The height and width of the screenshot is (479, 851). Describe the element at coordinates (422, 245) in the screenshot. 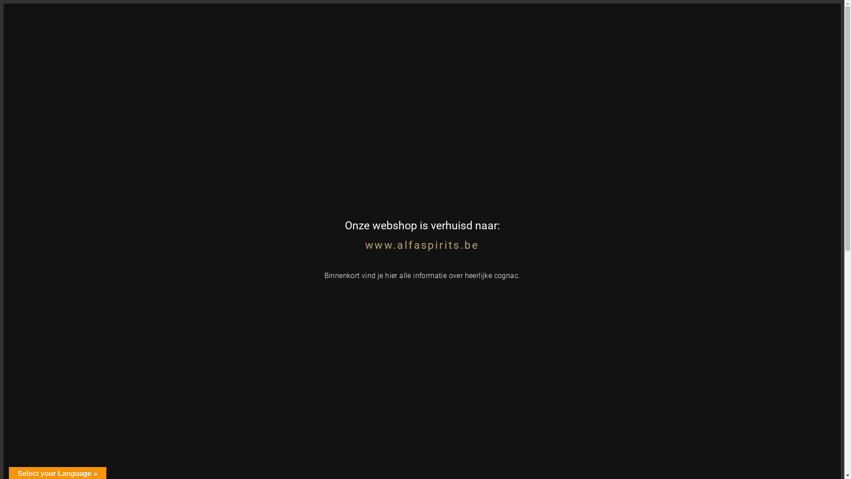

I see `'www.alfaspirits.be'` at that location.